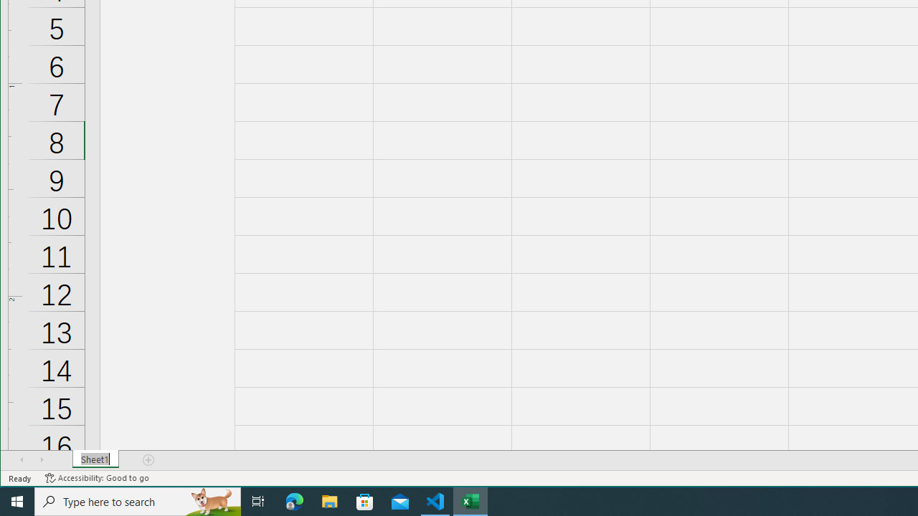 This screenshot has width=918, height=516. I want to click on 'Search highlights icon opens search home window', so click(211, 500).